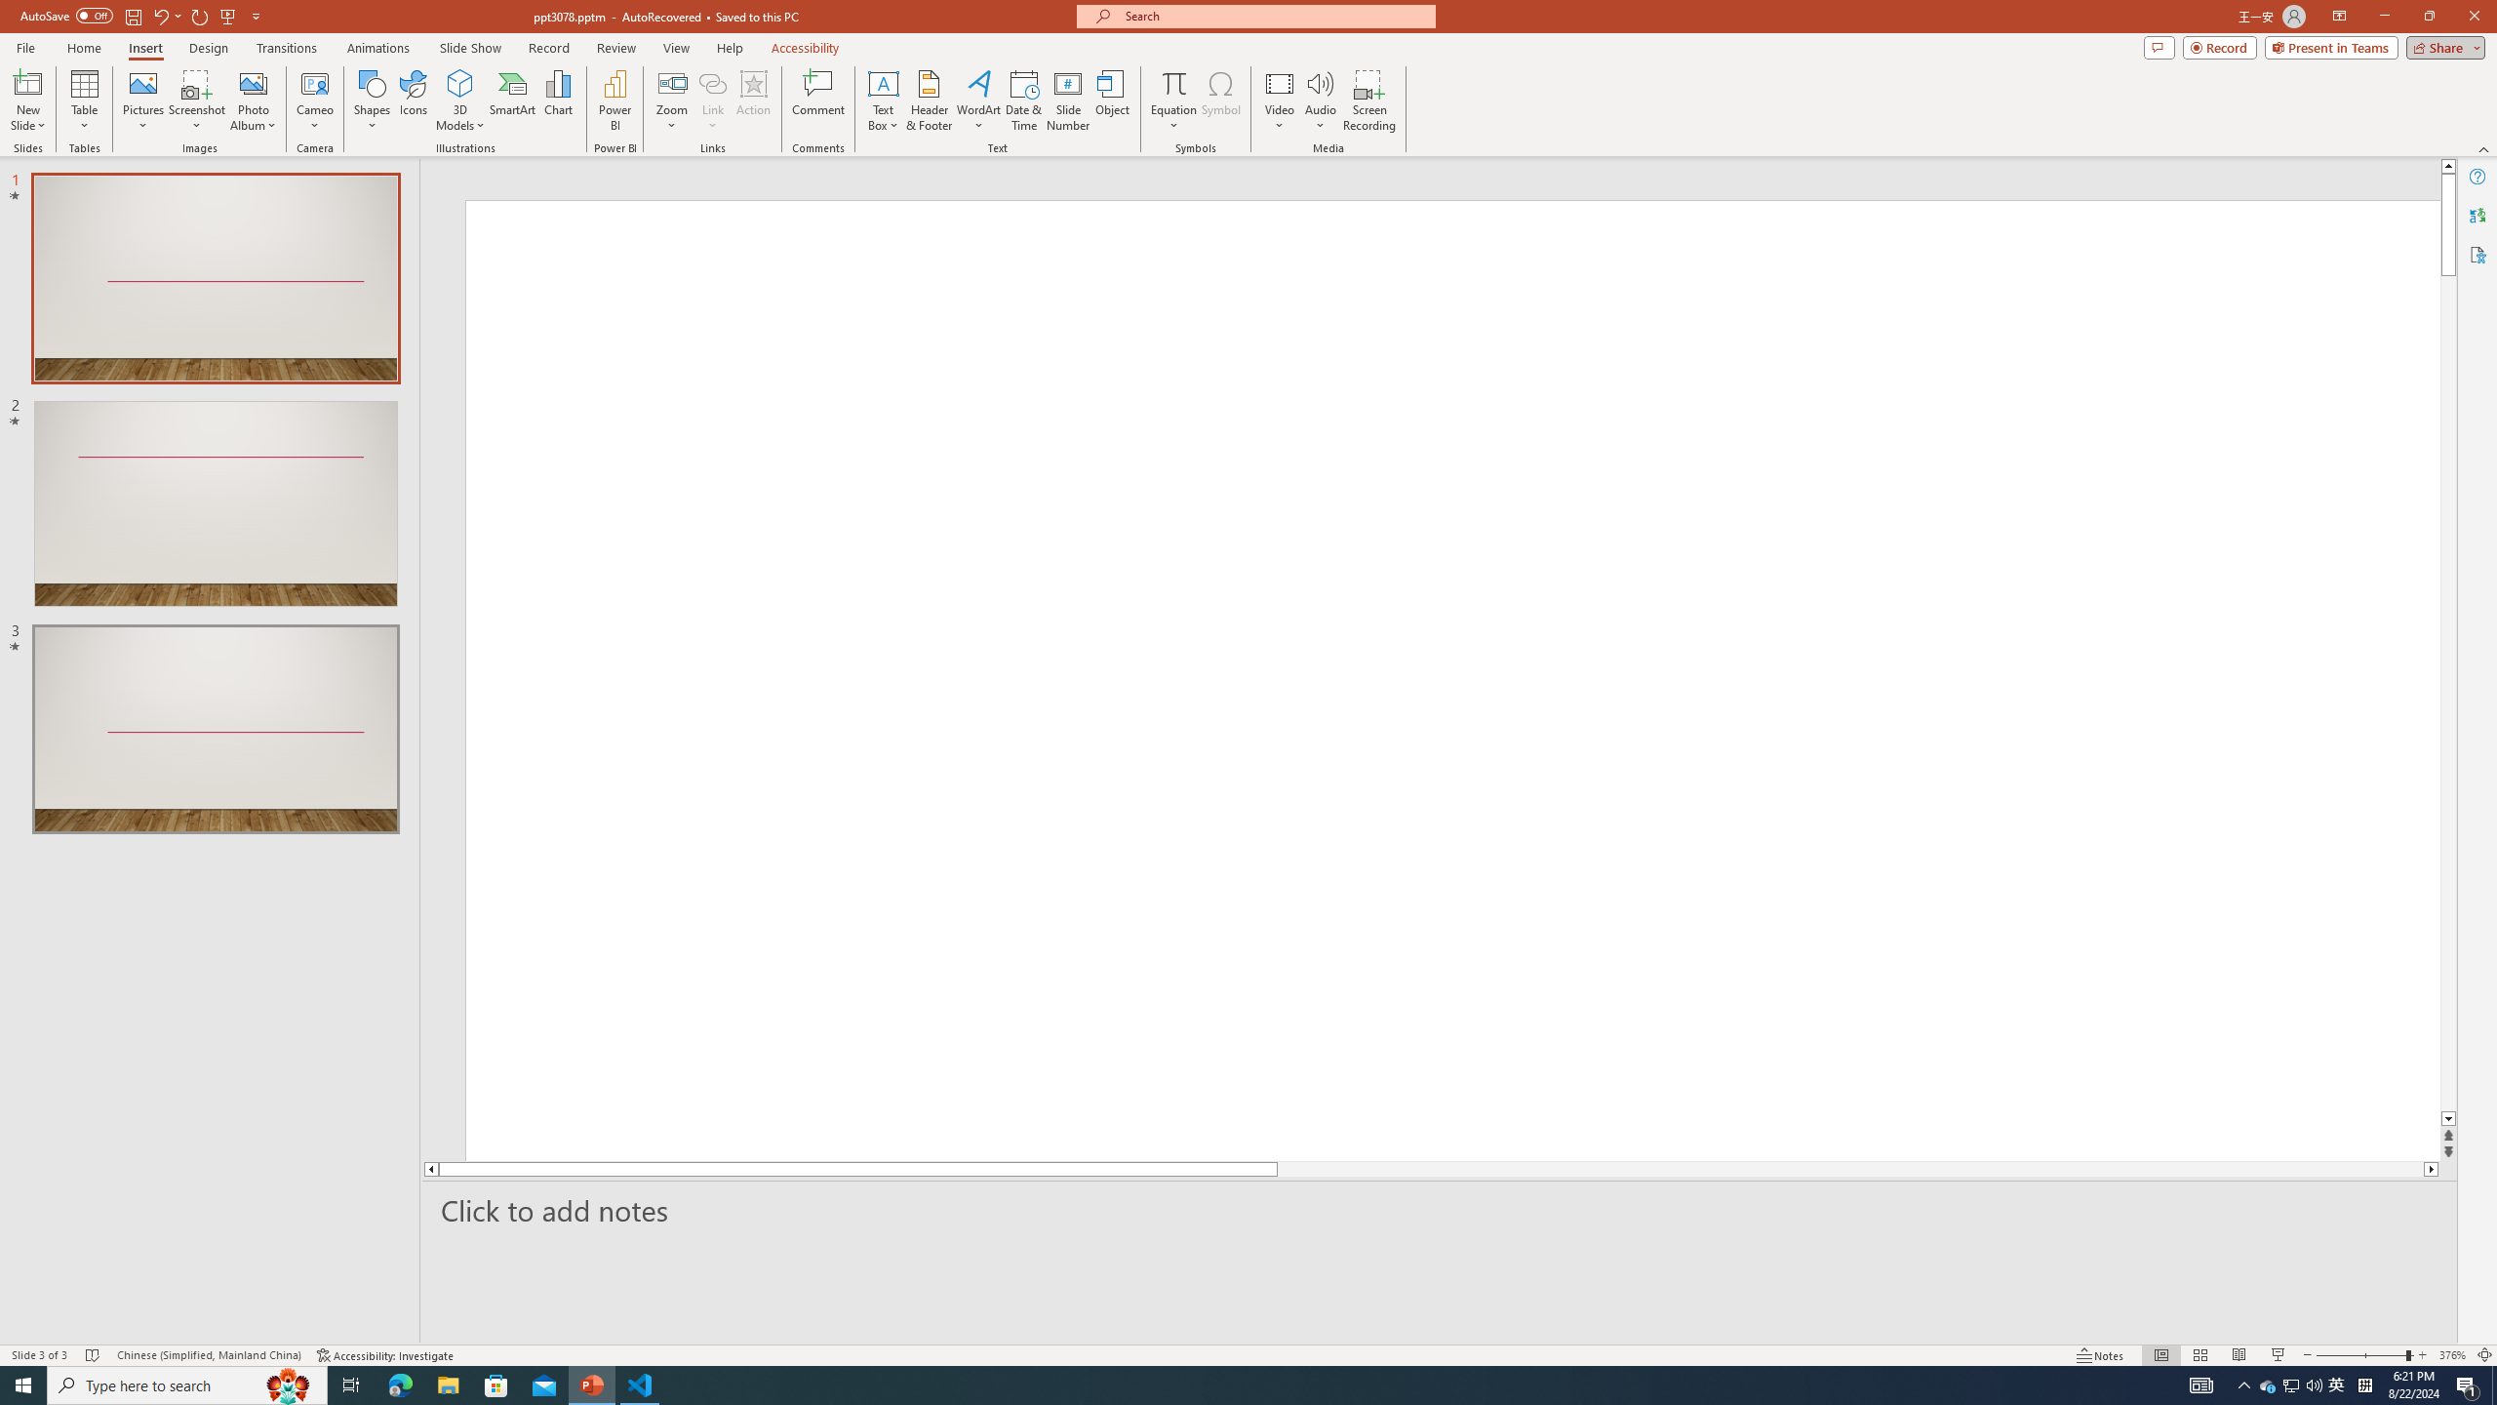 The height and width of the screenshot is (1405, 2497). Describe the element at coordinates (711, 100) in the screenshot. I see `'Link'` at that location.